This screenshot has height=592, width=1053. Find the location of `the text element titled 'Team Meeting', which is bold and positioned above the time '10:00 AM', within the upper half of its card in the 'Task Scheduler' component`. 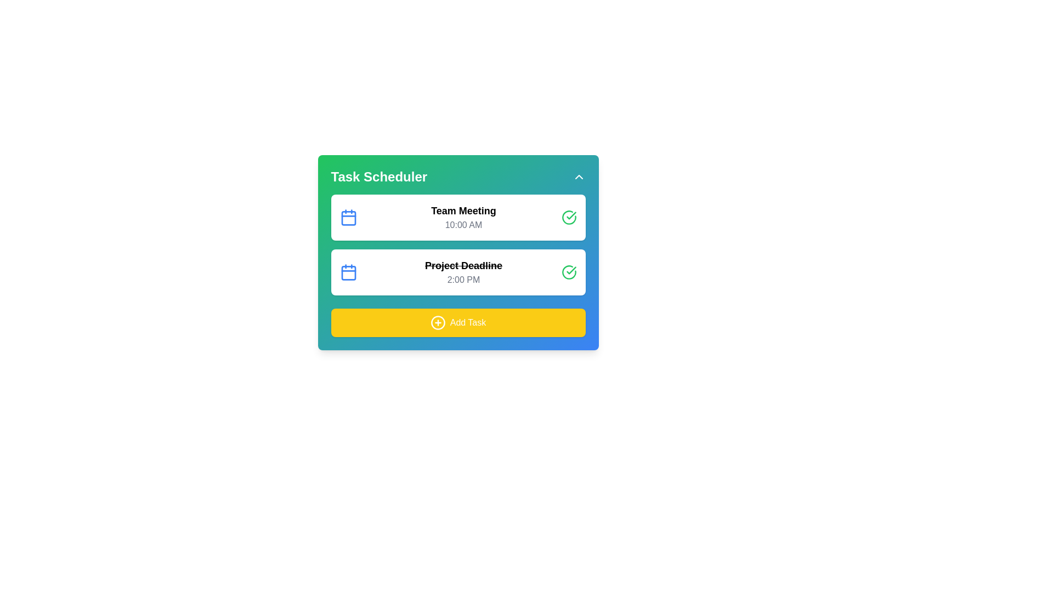

the text element titled 'Team Meeting', which is bold and positioned above the time '10:00 AM', within the upper half of its card in the 'Task Scheduler' component is located at coordinates (463, 218).